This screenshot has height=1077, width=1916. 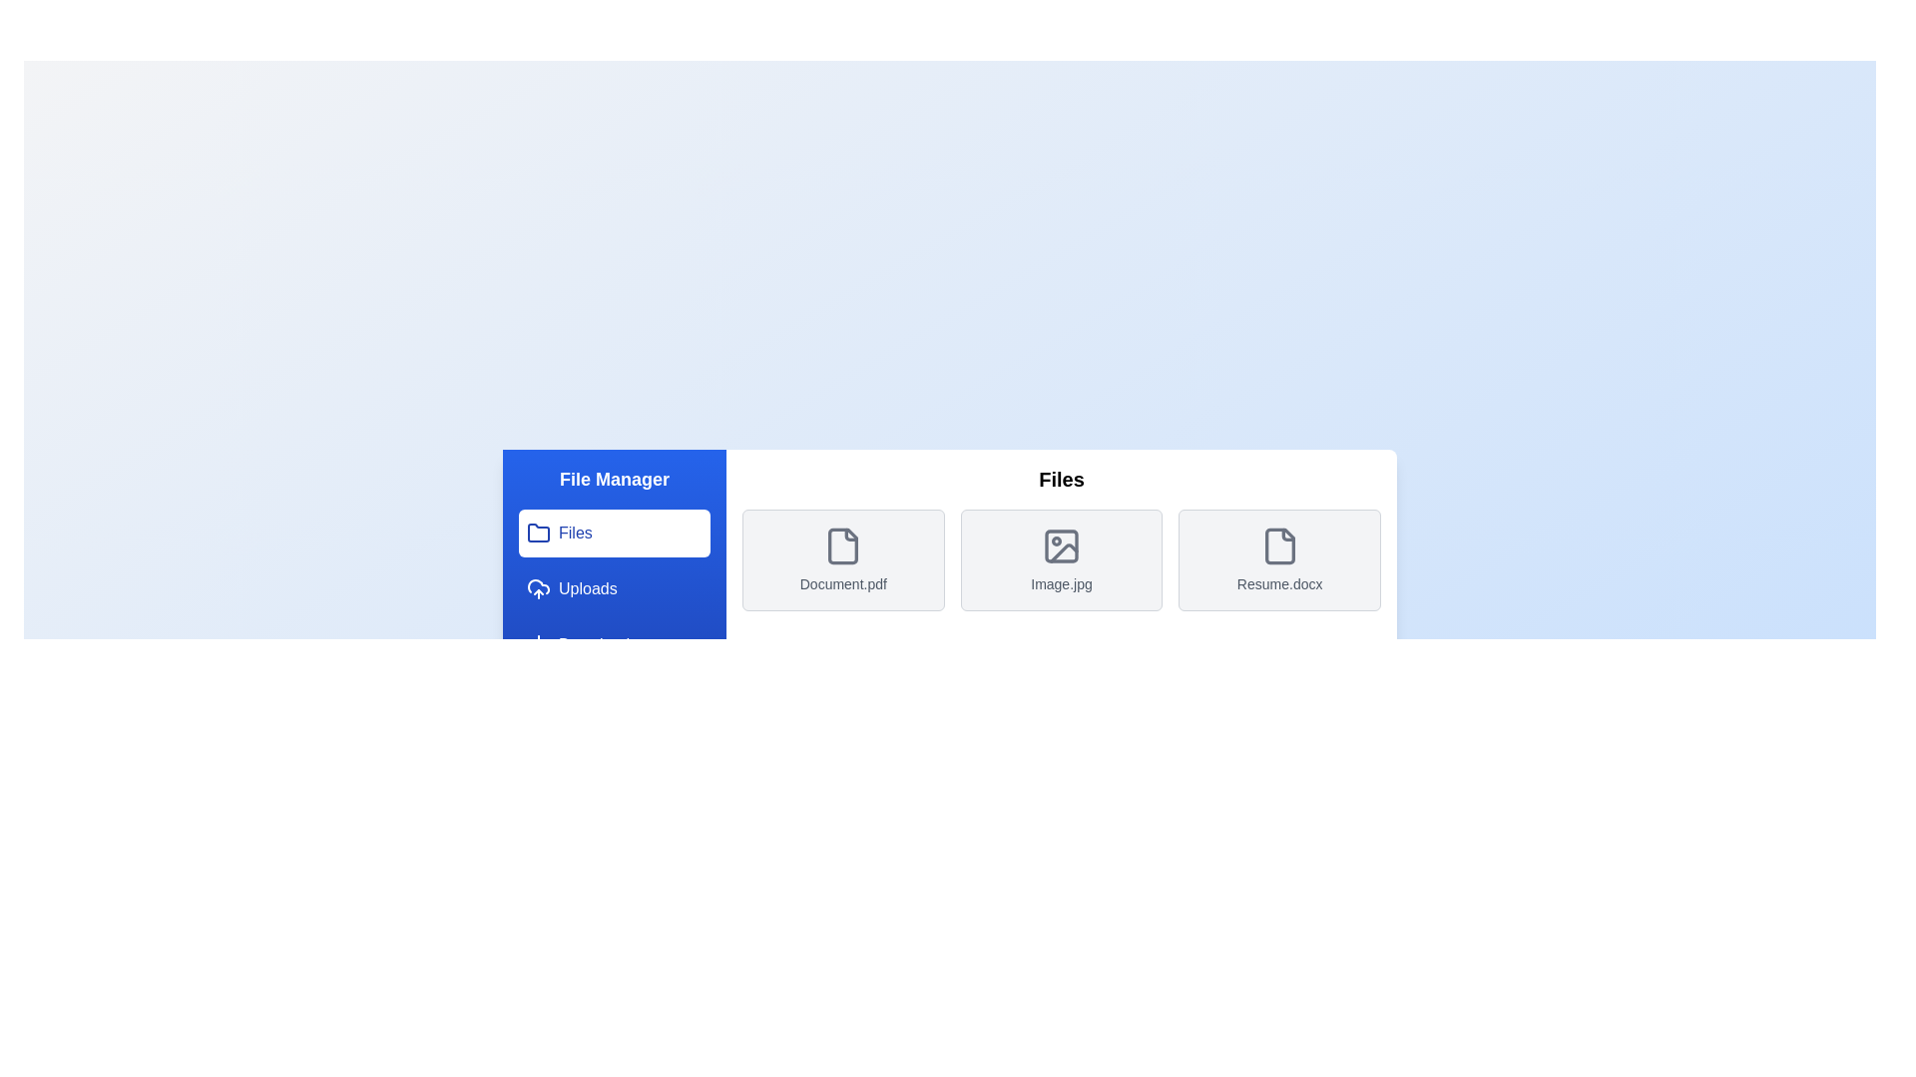 What do you see at coordinates (842, 560) in the screenshot?
I see `the file or image Document.pdf from the list` at bounding box center [842, 560].